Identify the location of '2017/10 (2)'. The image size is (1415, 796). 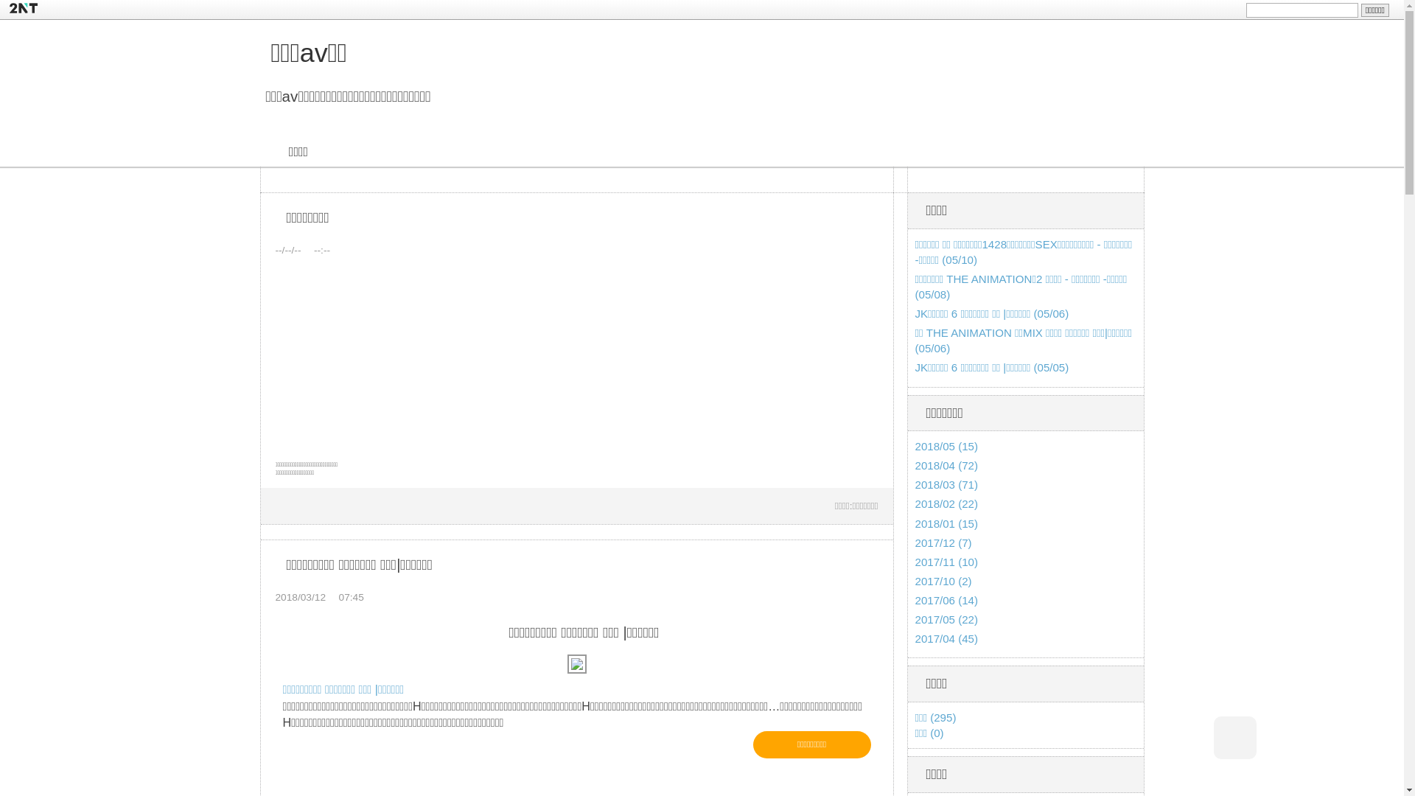
(943, 580).